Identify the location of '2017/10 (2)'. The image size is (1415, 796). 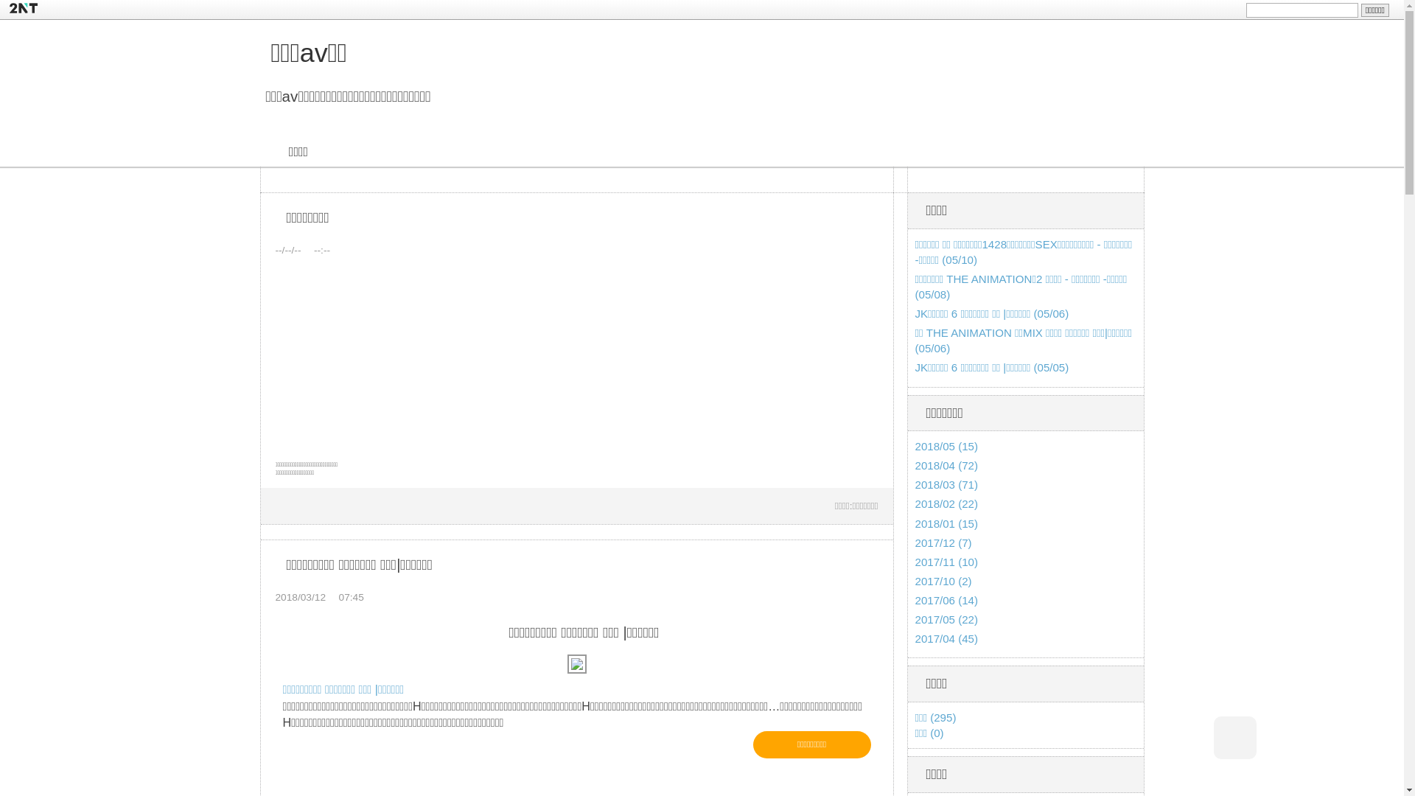
(943, 580).